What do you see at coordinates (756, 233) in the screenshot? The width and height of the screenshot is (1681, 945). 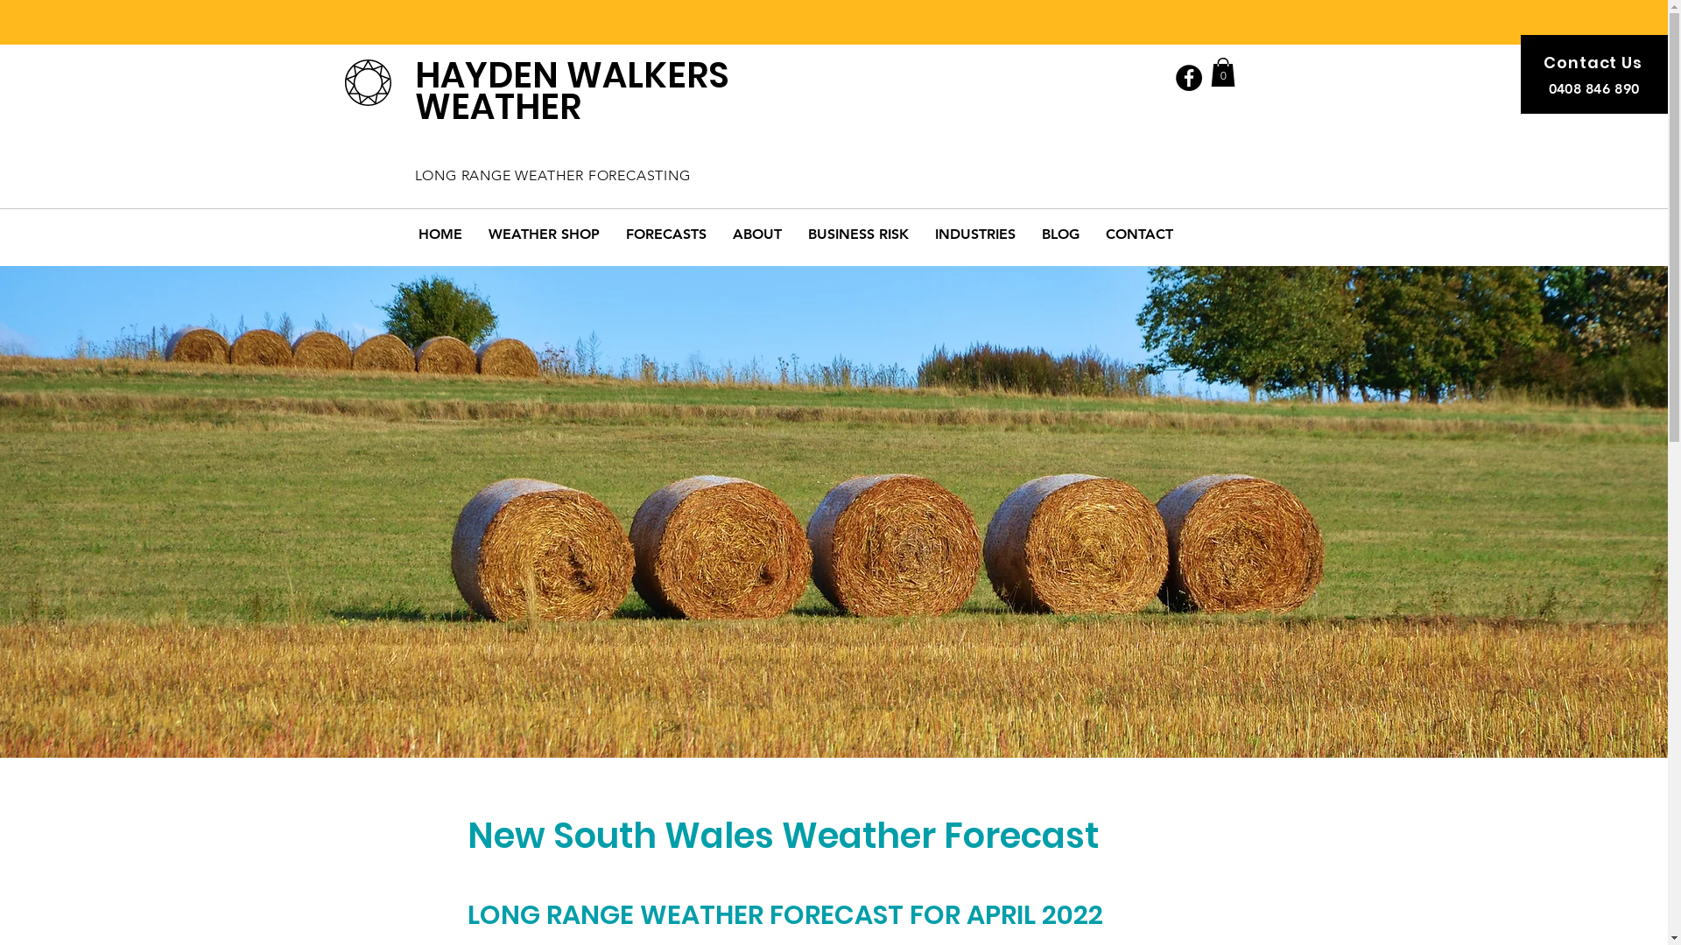 I see `'ABOUT'` at bounding box center [756, 233].